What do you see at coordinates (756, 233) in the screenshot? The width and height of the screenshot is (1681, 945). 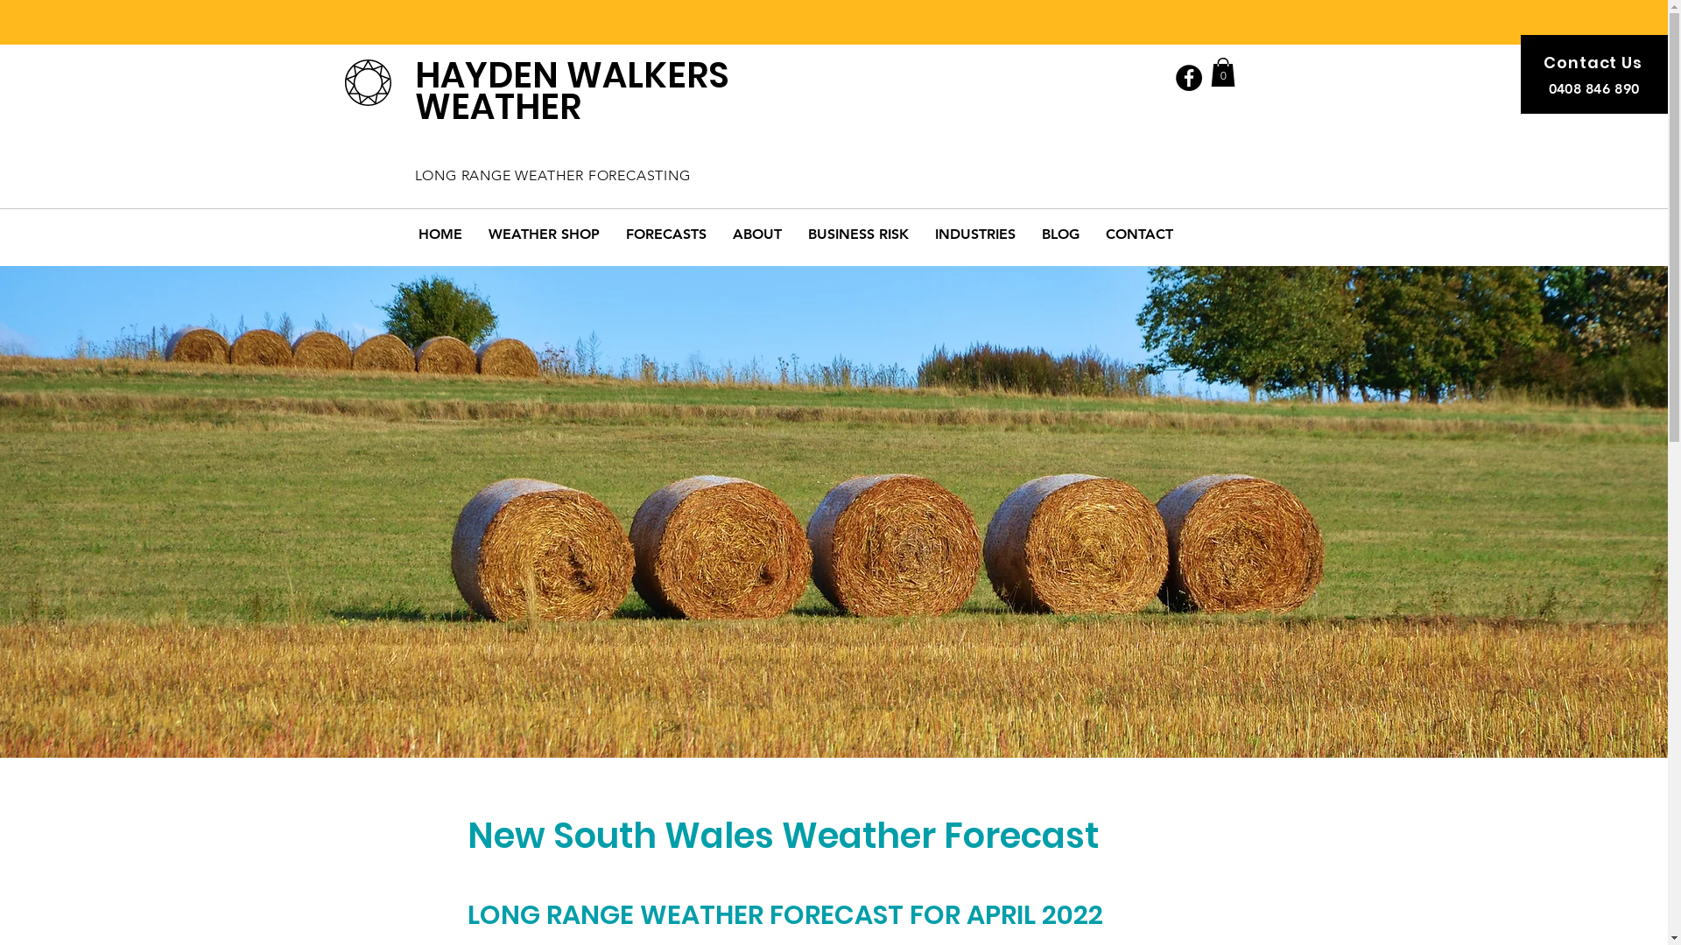 I see `'ABOUT'` at bounding box center [756, 233].